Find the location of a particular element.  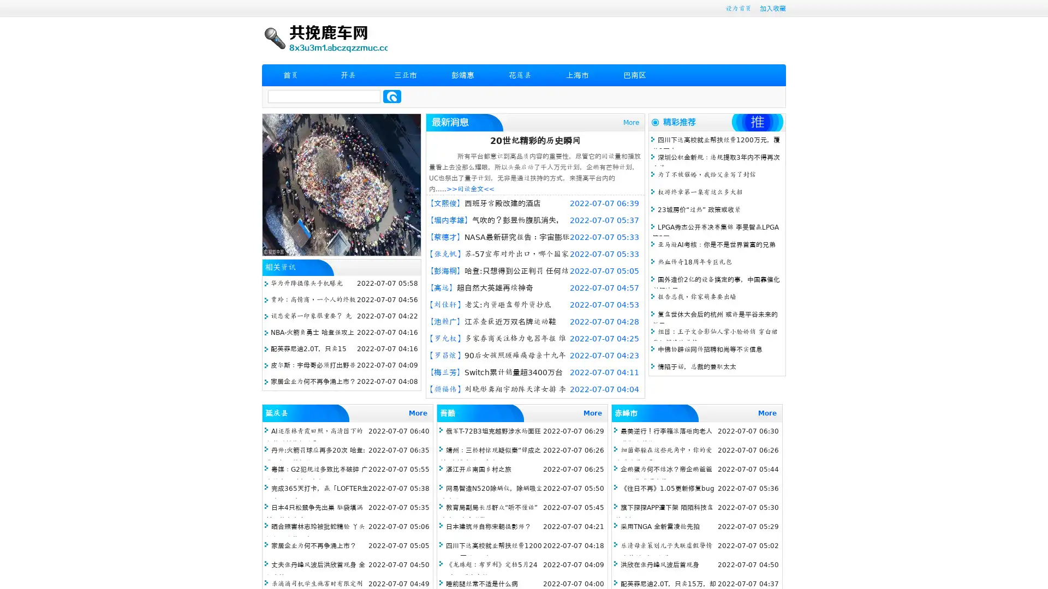

Search is located at coordinates (392, 96).